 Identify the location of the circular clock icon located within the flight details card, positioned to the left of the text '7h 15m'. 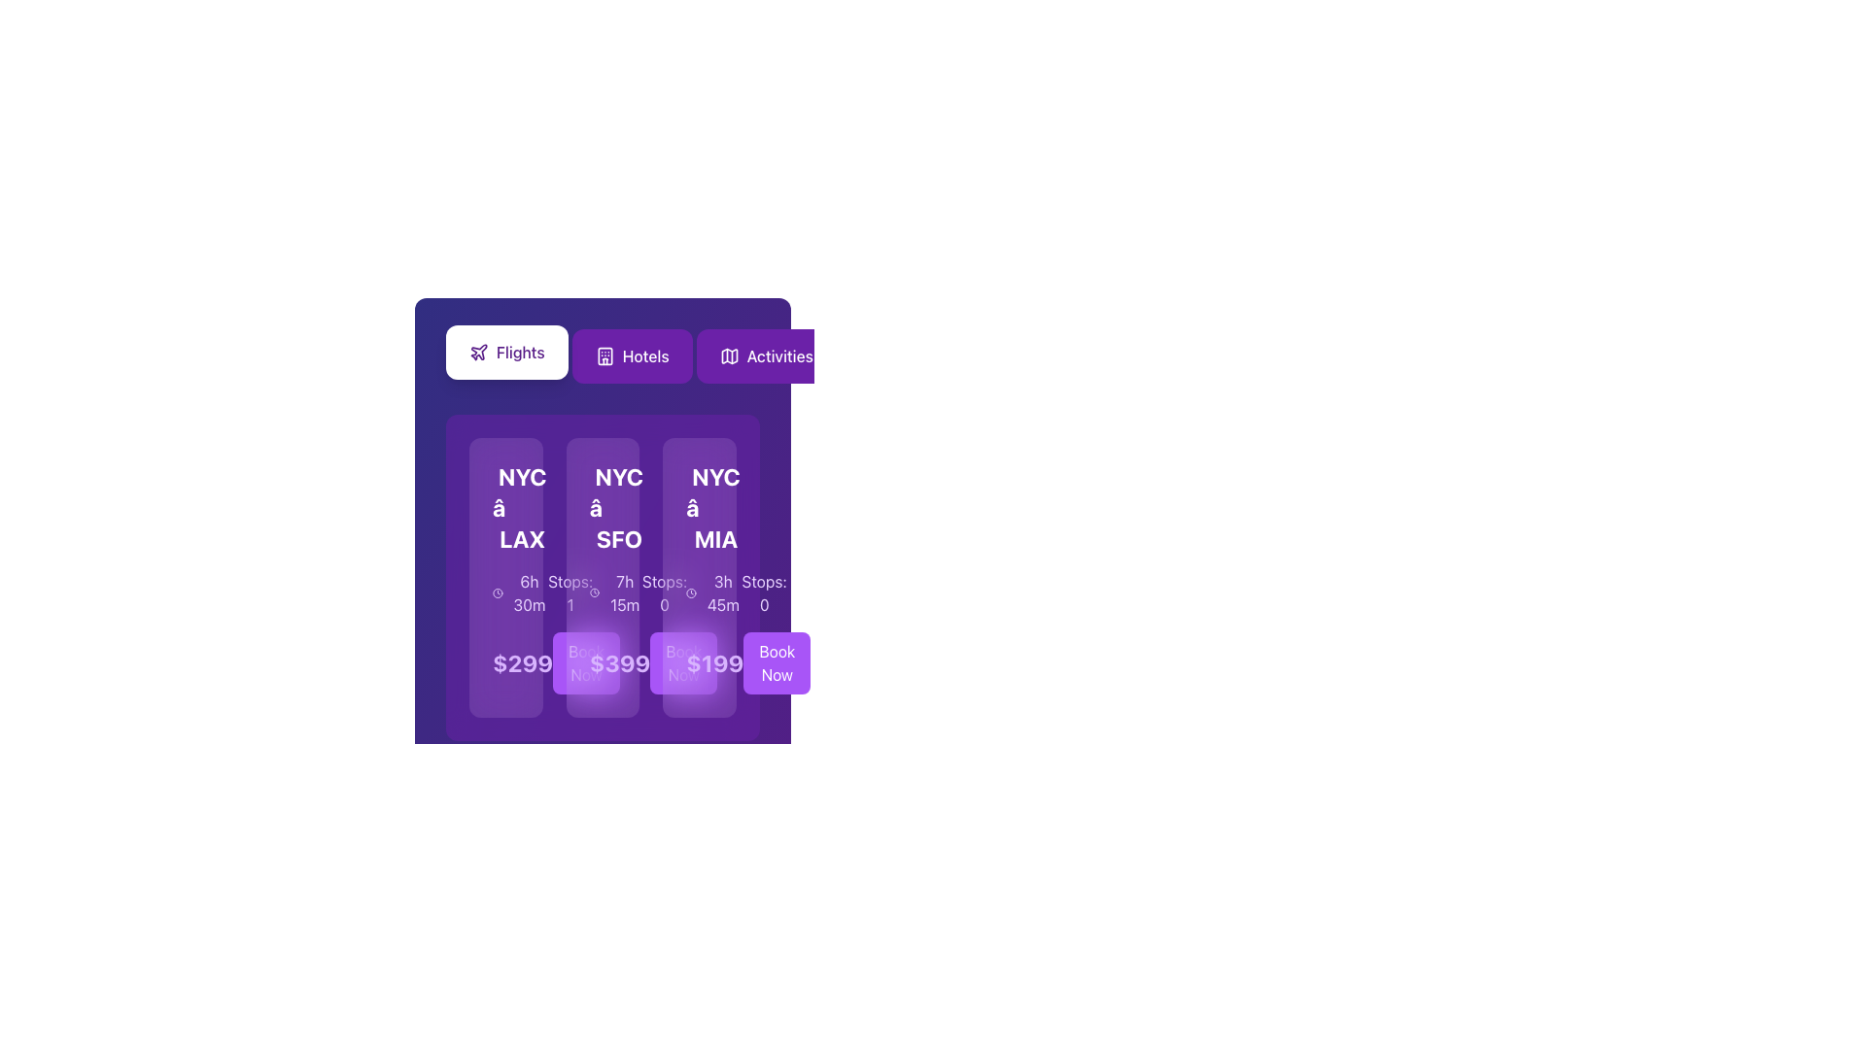
(594, 592).